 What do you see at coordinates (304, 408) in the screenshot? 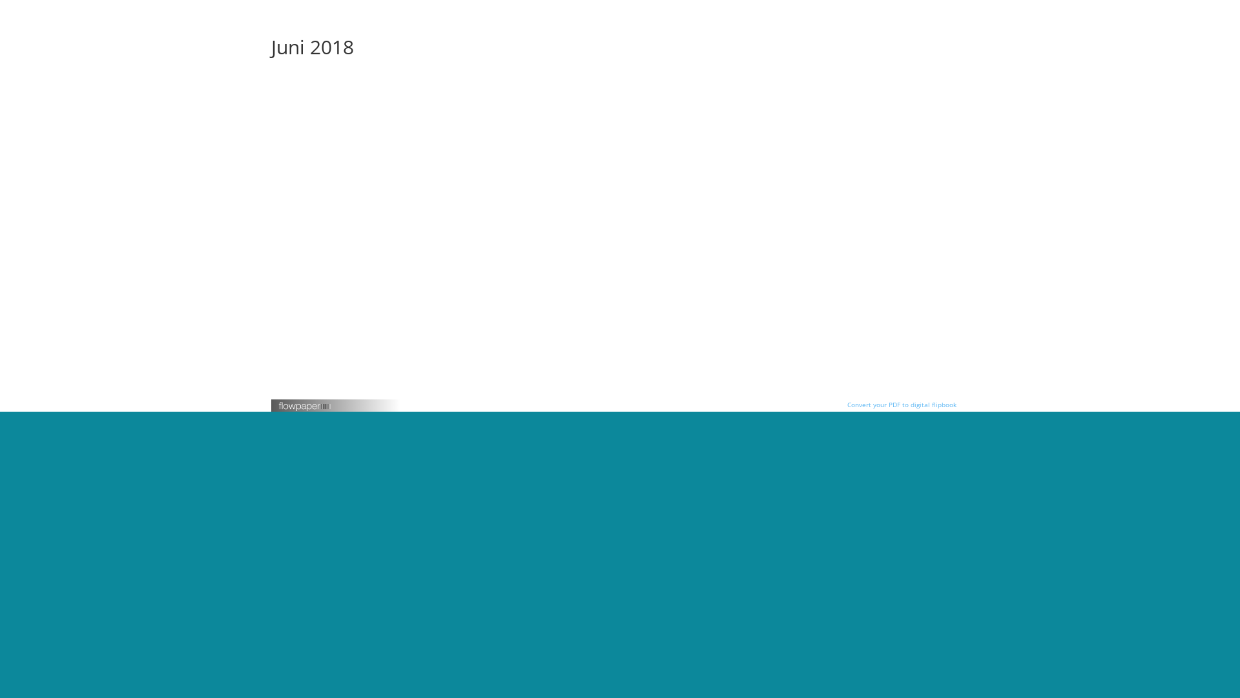
I see `'FlowPaper logotype'` at bounding box center [304, 408].